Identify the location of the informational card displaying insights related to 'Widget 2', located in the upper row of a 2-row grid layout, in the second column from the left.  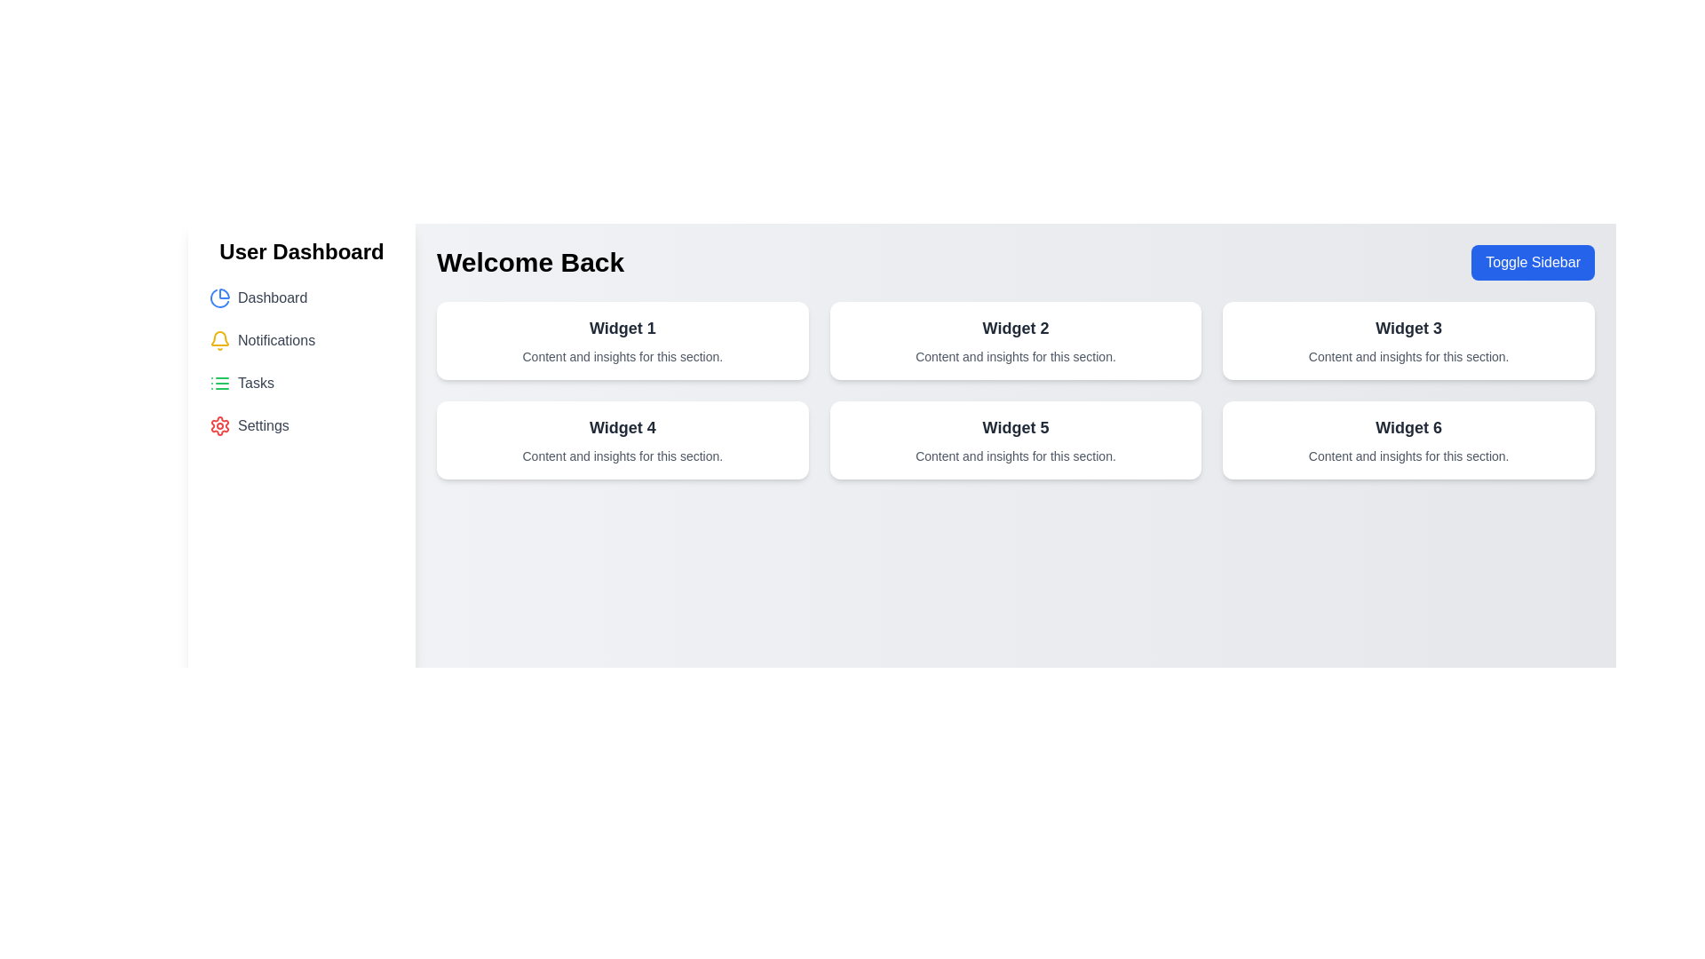
(1015, 341).